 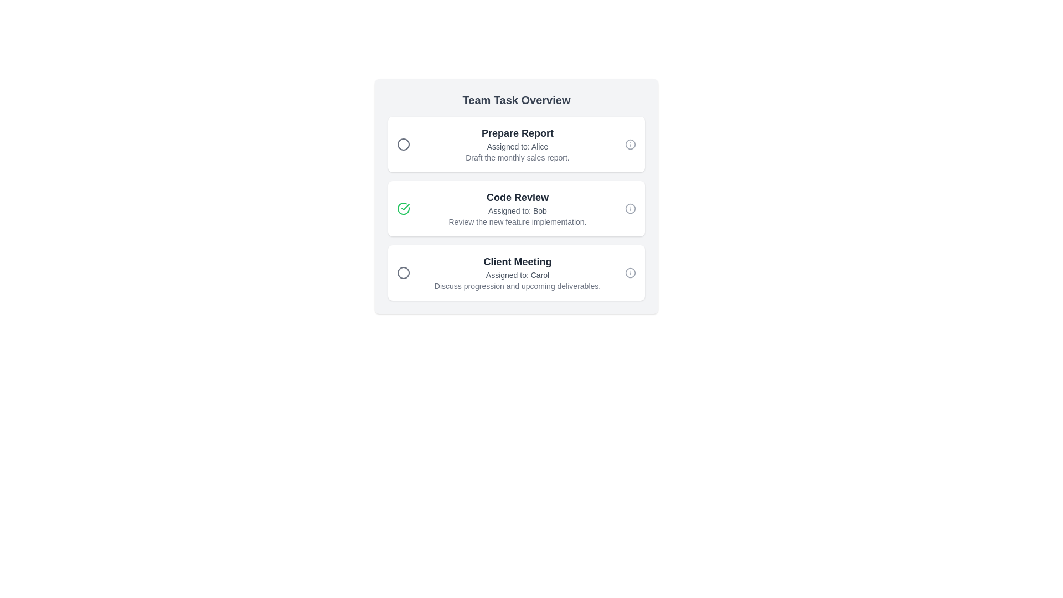 What do you see at coordinates (403, 273) in the screenshot?
I see `the Circle graphic icon that indicates the status of the 'Client Meeting' task, positioned adjacent to the left of the main task text` at bounding box center [403, 273].